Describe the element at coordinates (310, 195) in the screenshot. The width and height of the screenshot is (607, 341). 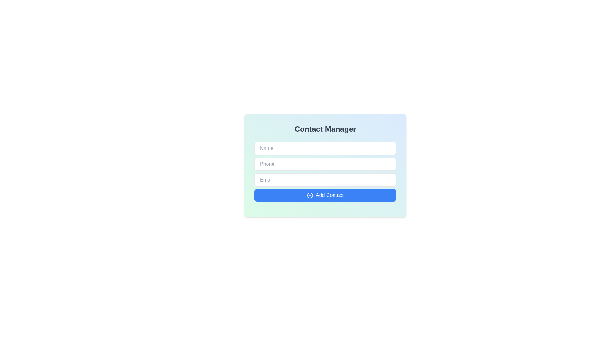
I see `the icon located` at that location.